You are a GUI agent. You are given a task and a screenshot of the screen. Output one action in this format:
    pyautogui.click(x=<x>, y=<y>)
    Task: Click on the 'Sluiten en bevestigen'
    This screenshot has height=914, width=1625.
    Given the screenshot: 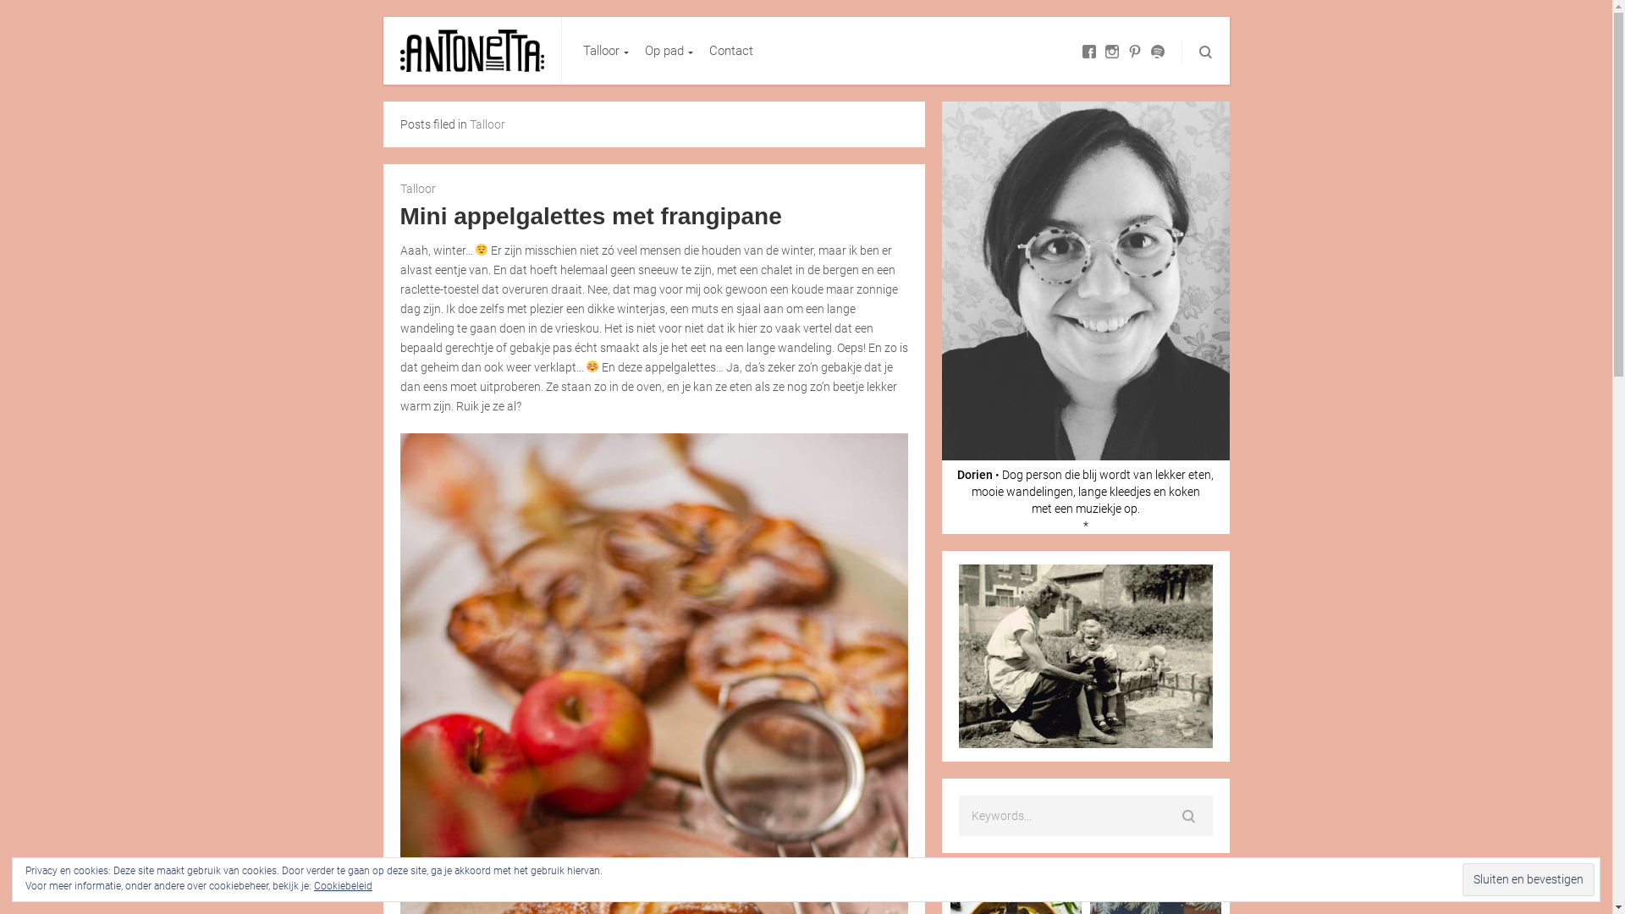 What is the action you would take?
    pyautogui.click(x=1528, y=878)
    